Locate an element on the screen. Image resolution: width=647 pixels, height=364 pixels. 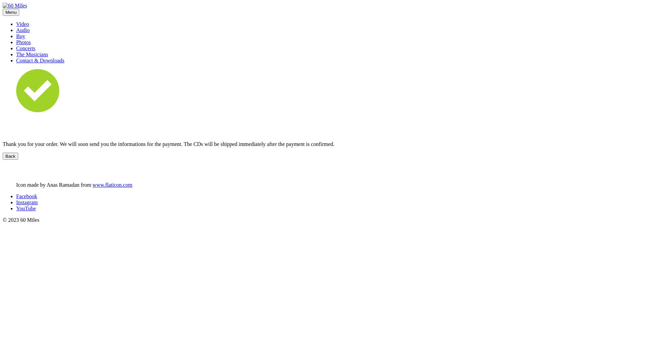
'Back' is located at coordinates (10, 156).